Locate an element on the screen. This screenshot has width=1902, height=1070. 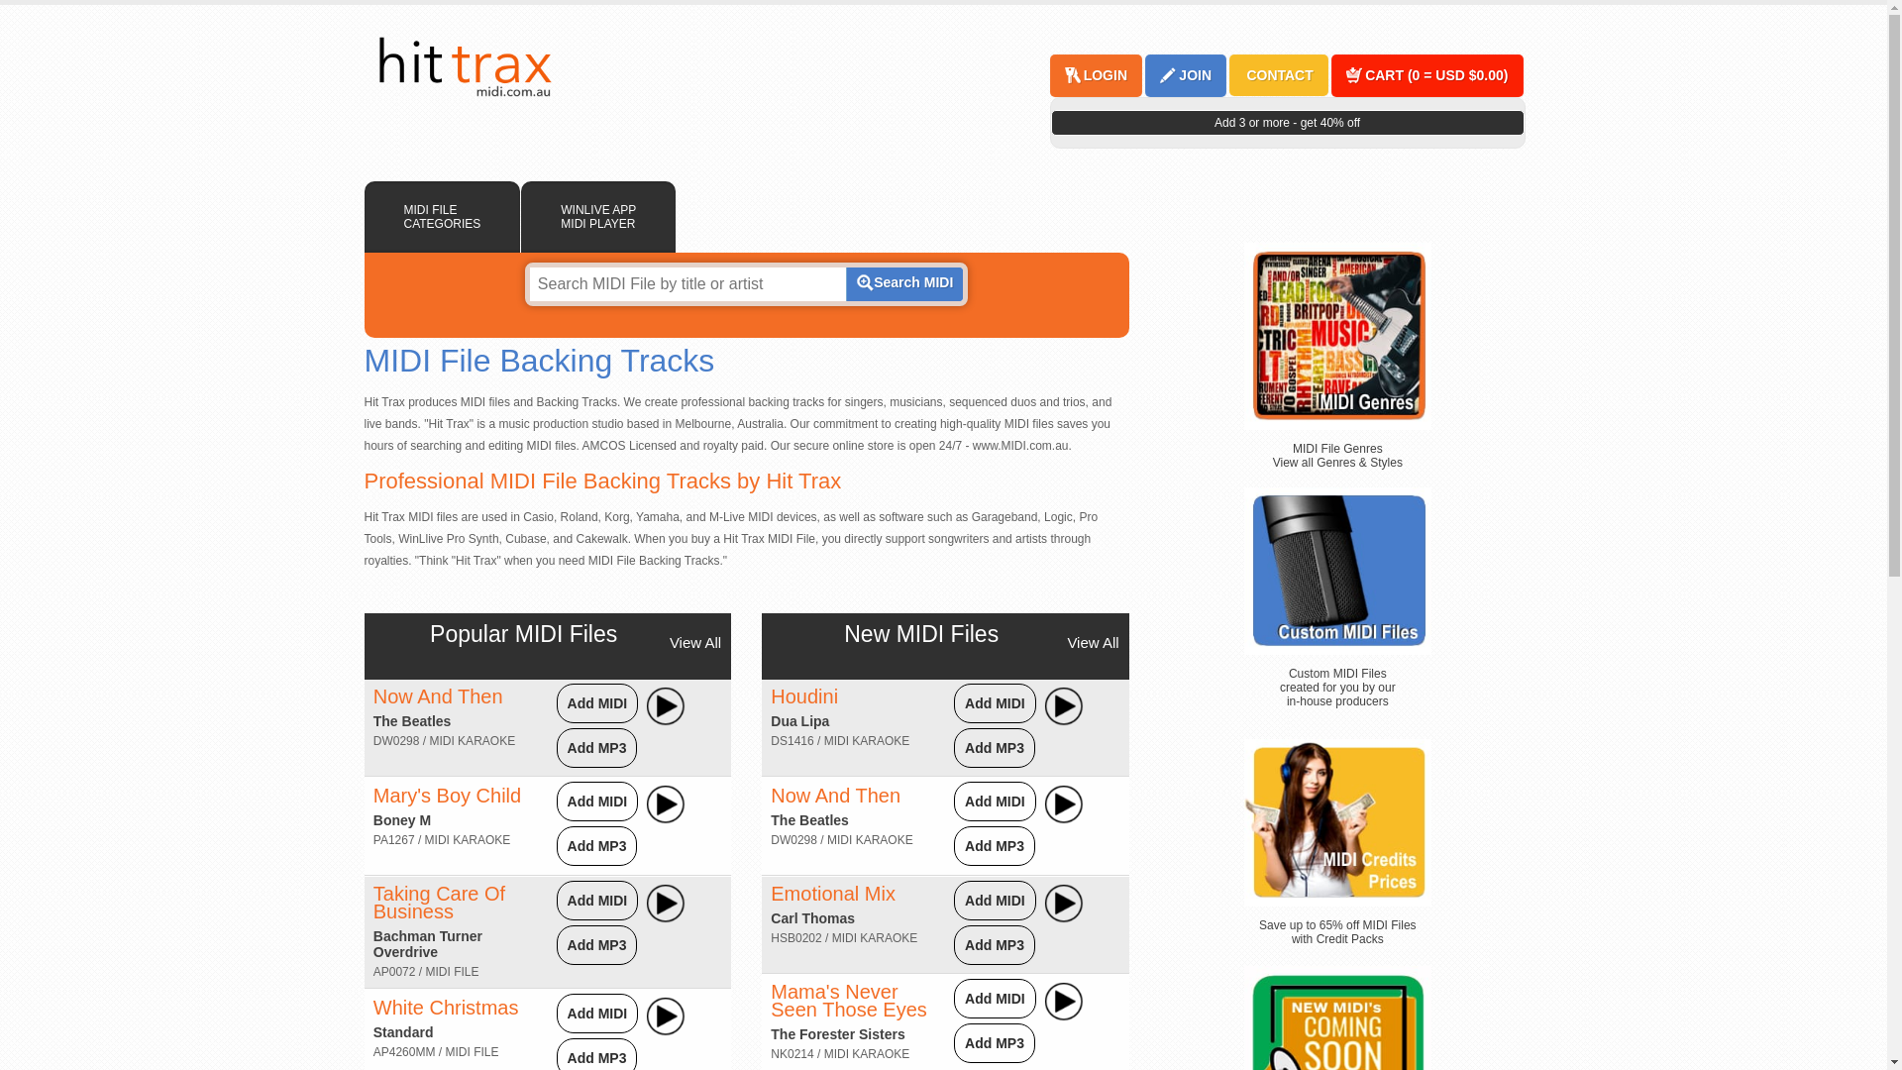
'MIDI File Genres' is located at coordinates (1337, 335).